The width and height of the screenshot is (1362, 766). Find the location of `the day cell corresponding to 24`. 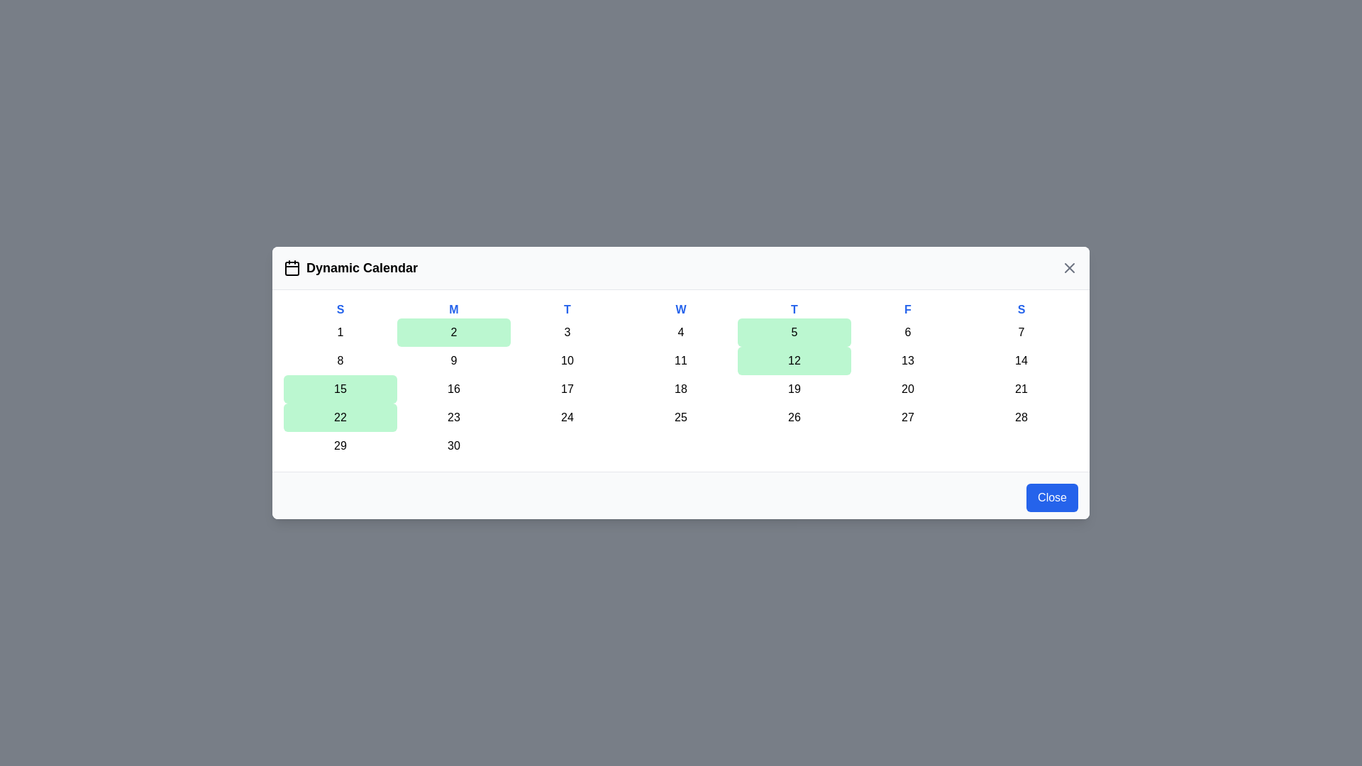

the day cell corresponding to 24 is located at coordinates (567, 417).